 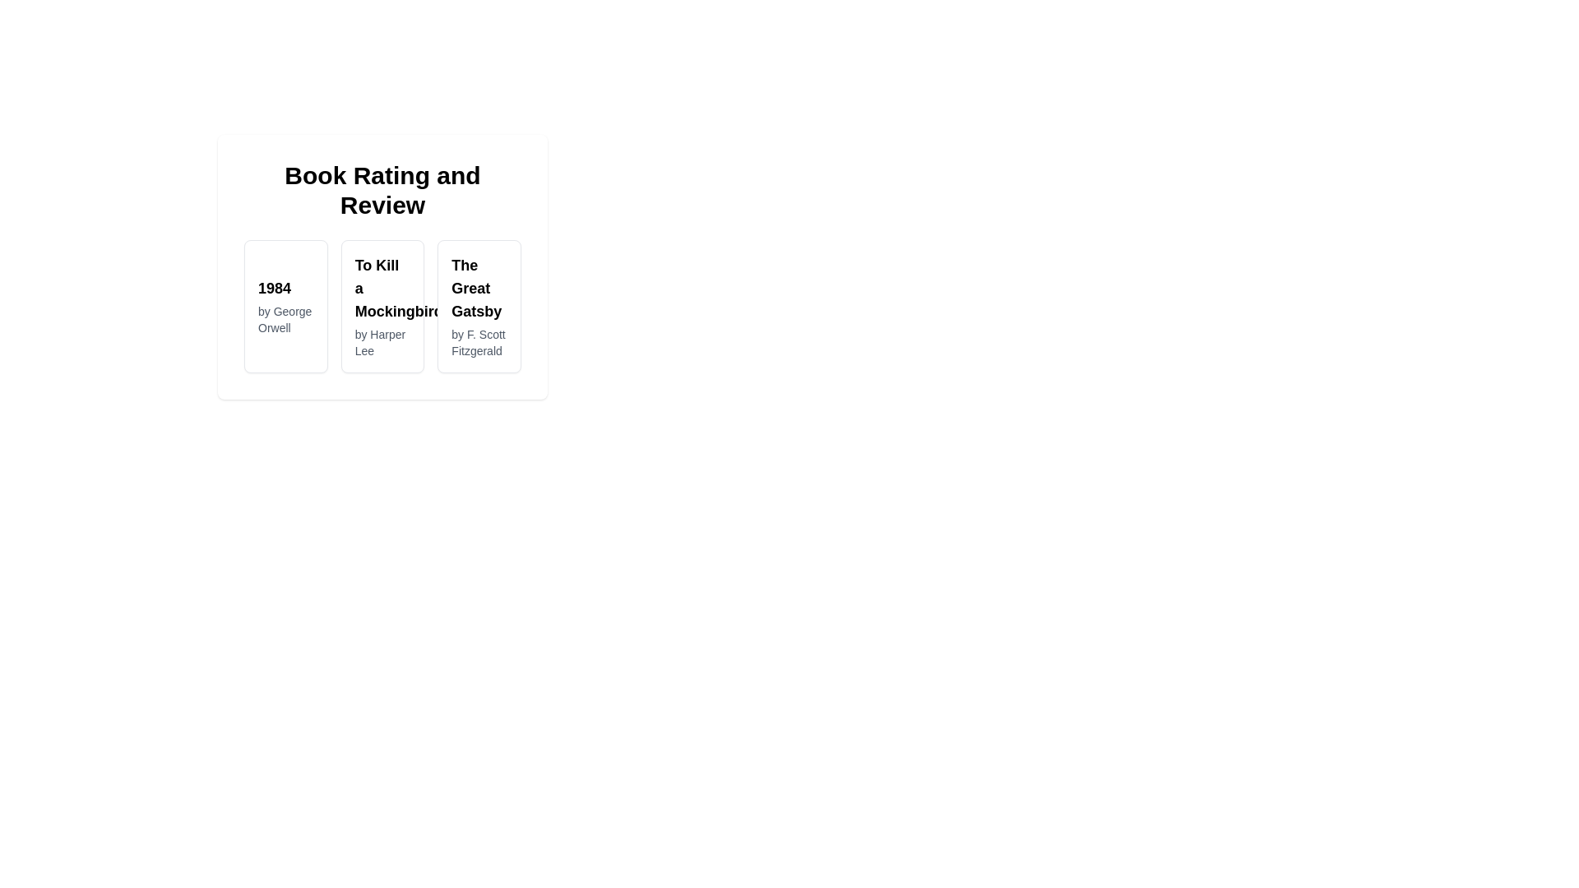 I want to click on the Text label that serves as the title of the book, which is located inside the leftmost book information card, positioned at the top of the card above the text 'by George Orwell', so click(x=285, y=288).